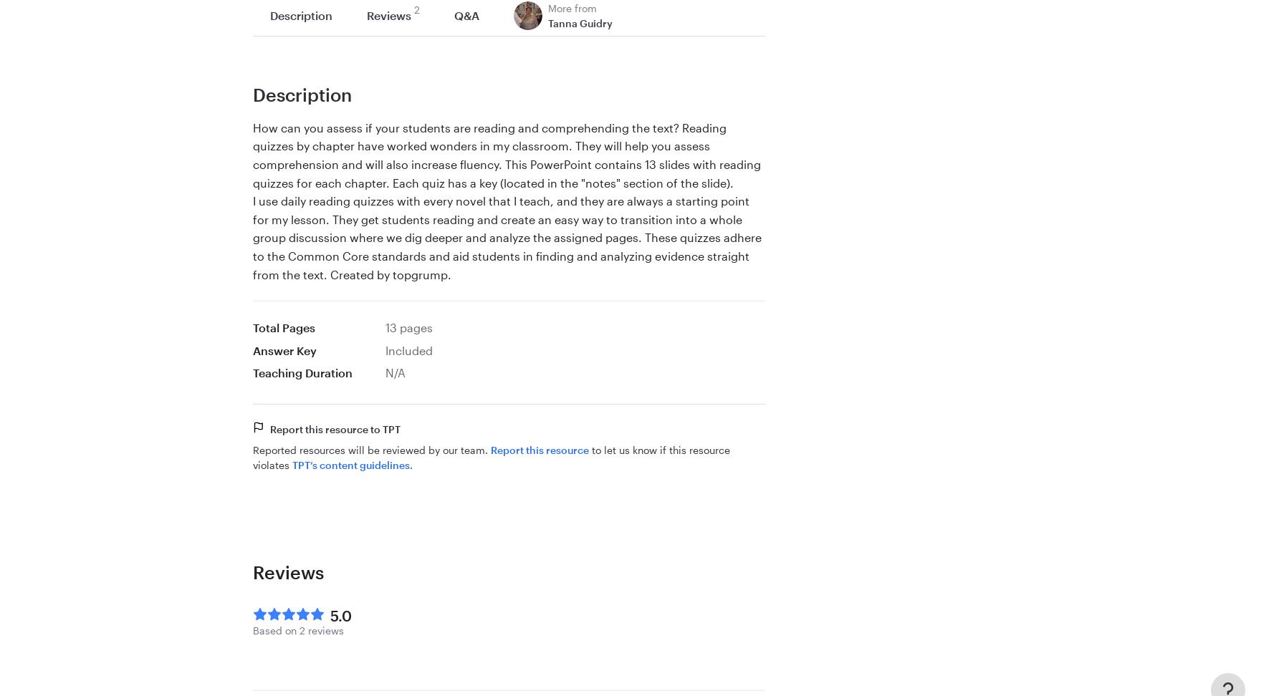 This screenshot has height=696, width=1274. I want to click on '5.0', so click(340, 614).